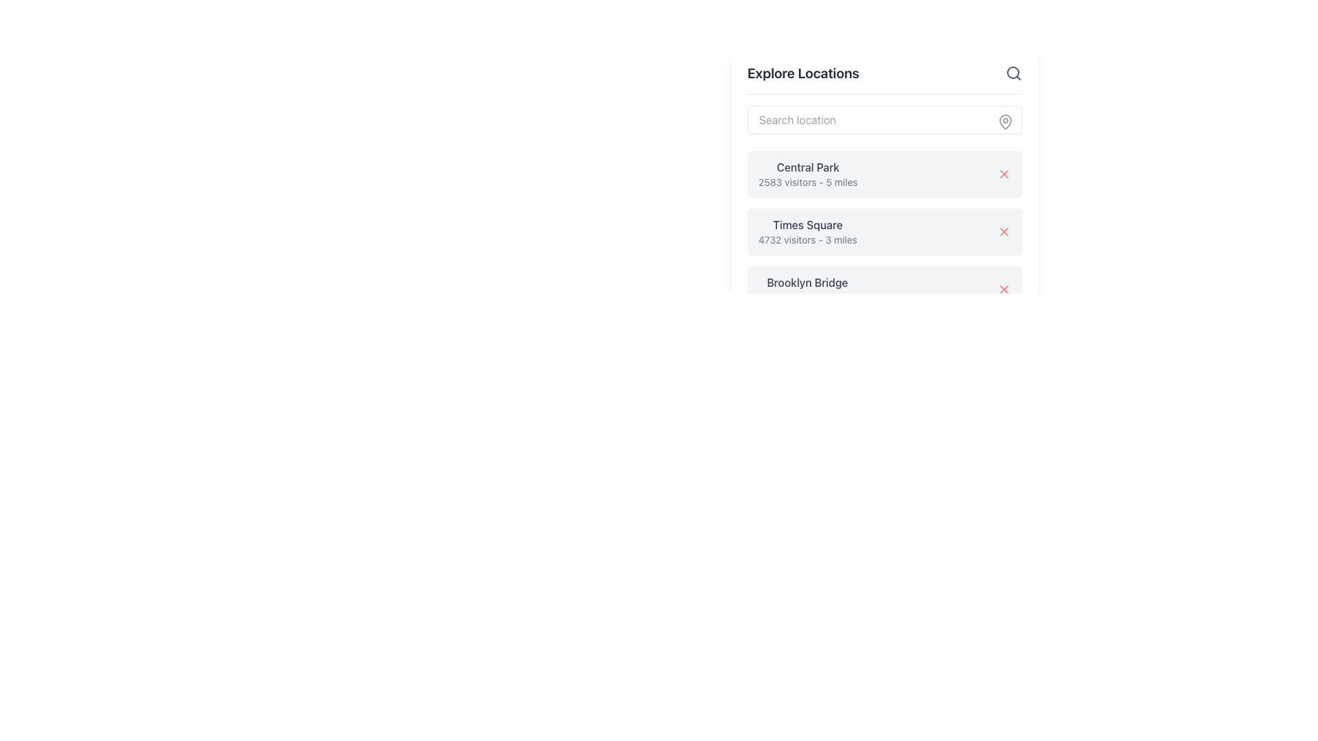 This screenshot has height=741, width=1318. Describe the element at coordinates (807, 224) in the screenshot. I see `the text string 'Times Square' which is styled with a medium-weight font and gray color, located in the second entry of the list under 'Explore Locations'` at that location.